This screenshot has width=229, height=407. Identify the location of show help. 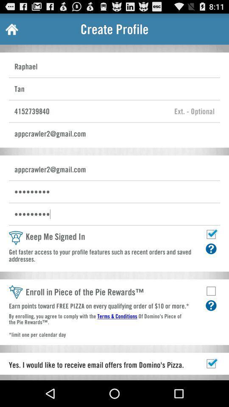
(210, 305).